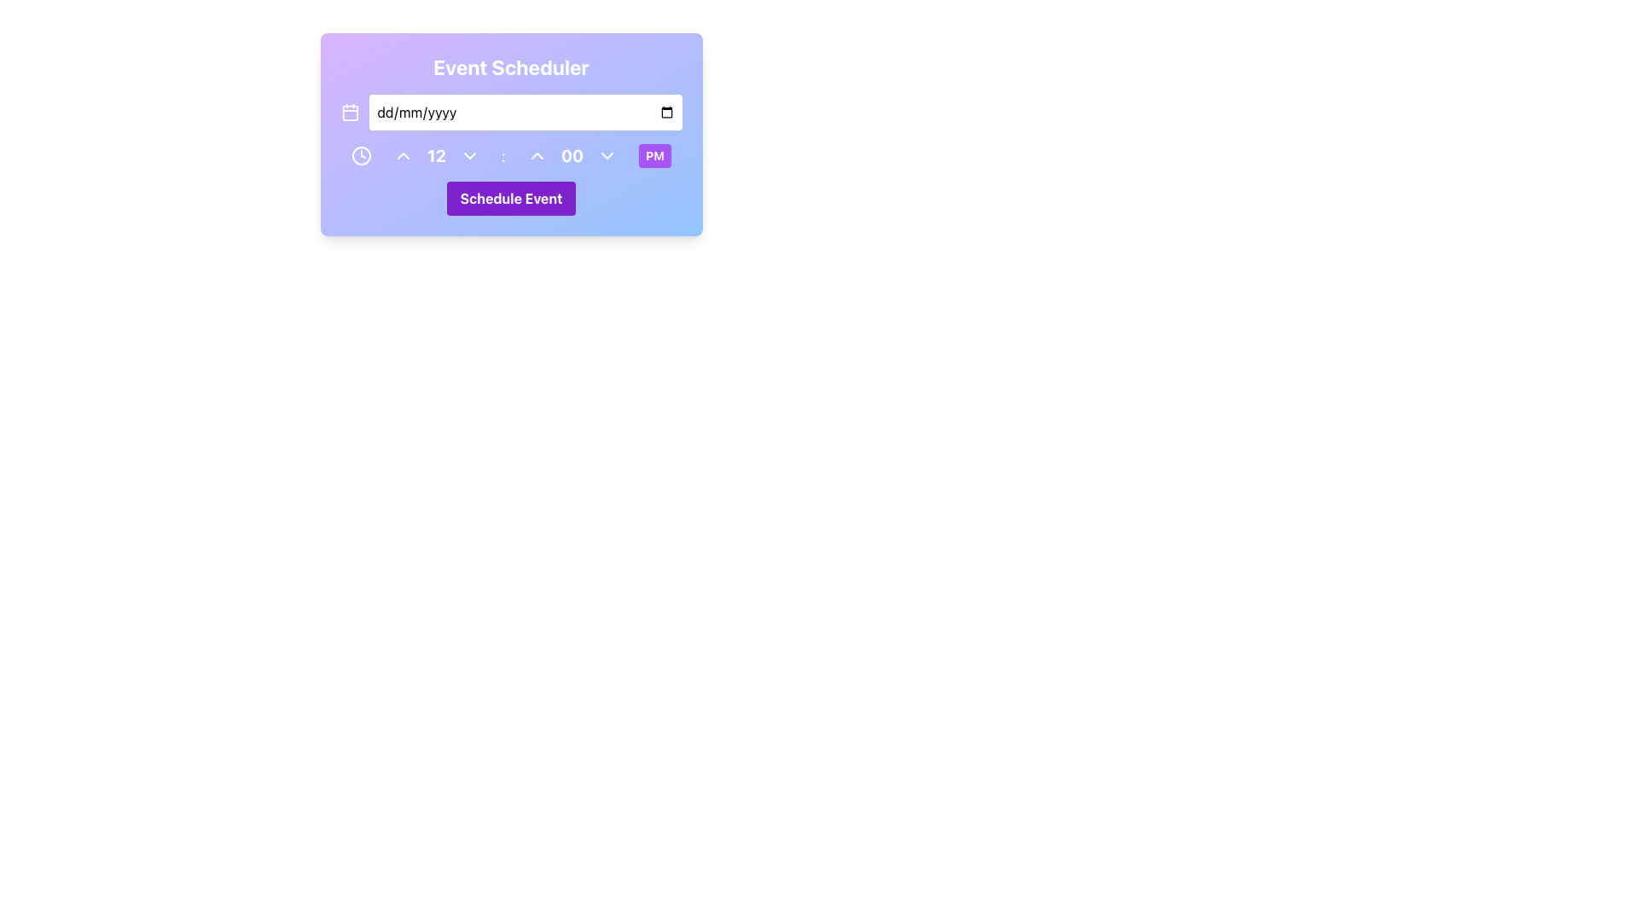  What do you see at coordinates (510, 197) in the screenshot?
I see `the rectangular button labeled 'Schedule Event' with a purple background` at bounding box center [510, 197].